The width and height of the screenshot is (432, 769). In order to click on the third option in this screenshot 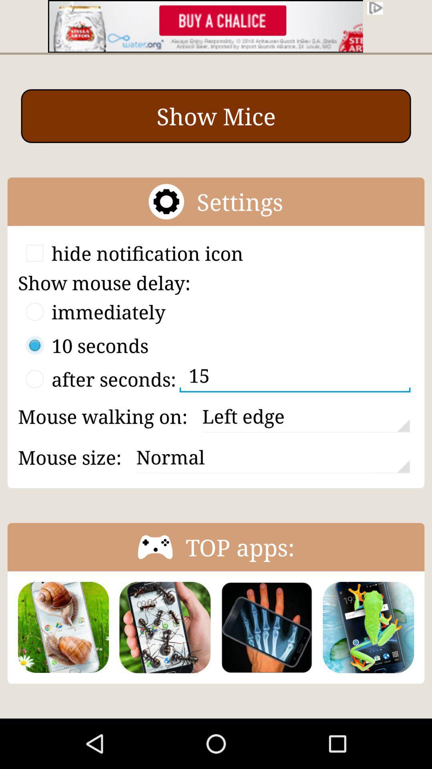, I will do `click(96, 378)`.